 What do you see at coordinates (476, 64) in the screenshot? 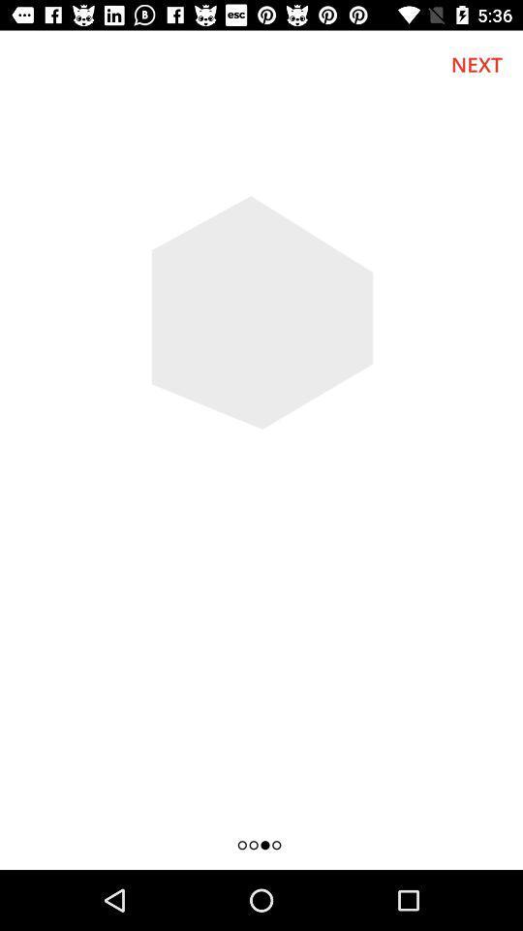
I see `next item` at bounding box center [476, 64].